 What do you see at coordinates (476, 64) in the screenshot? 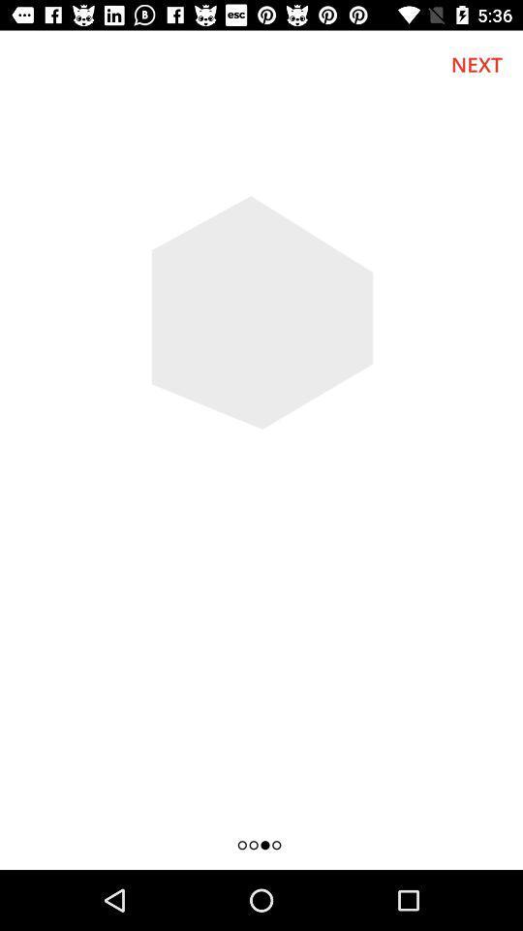
I see `next item` at bounding box center [476, 64].